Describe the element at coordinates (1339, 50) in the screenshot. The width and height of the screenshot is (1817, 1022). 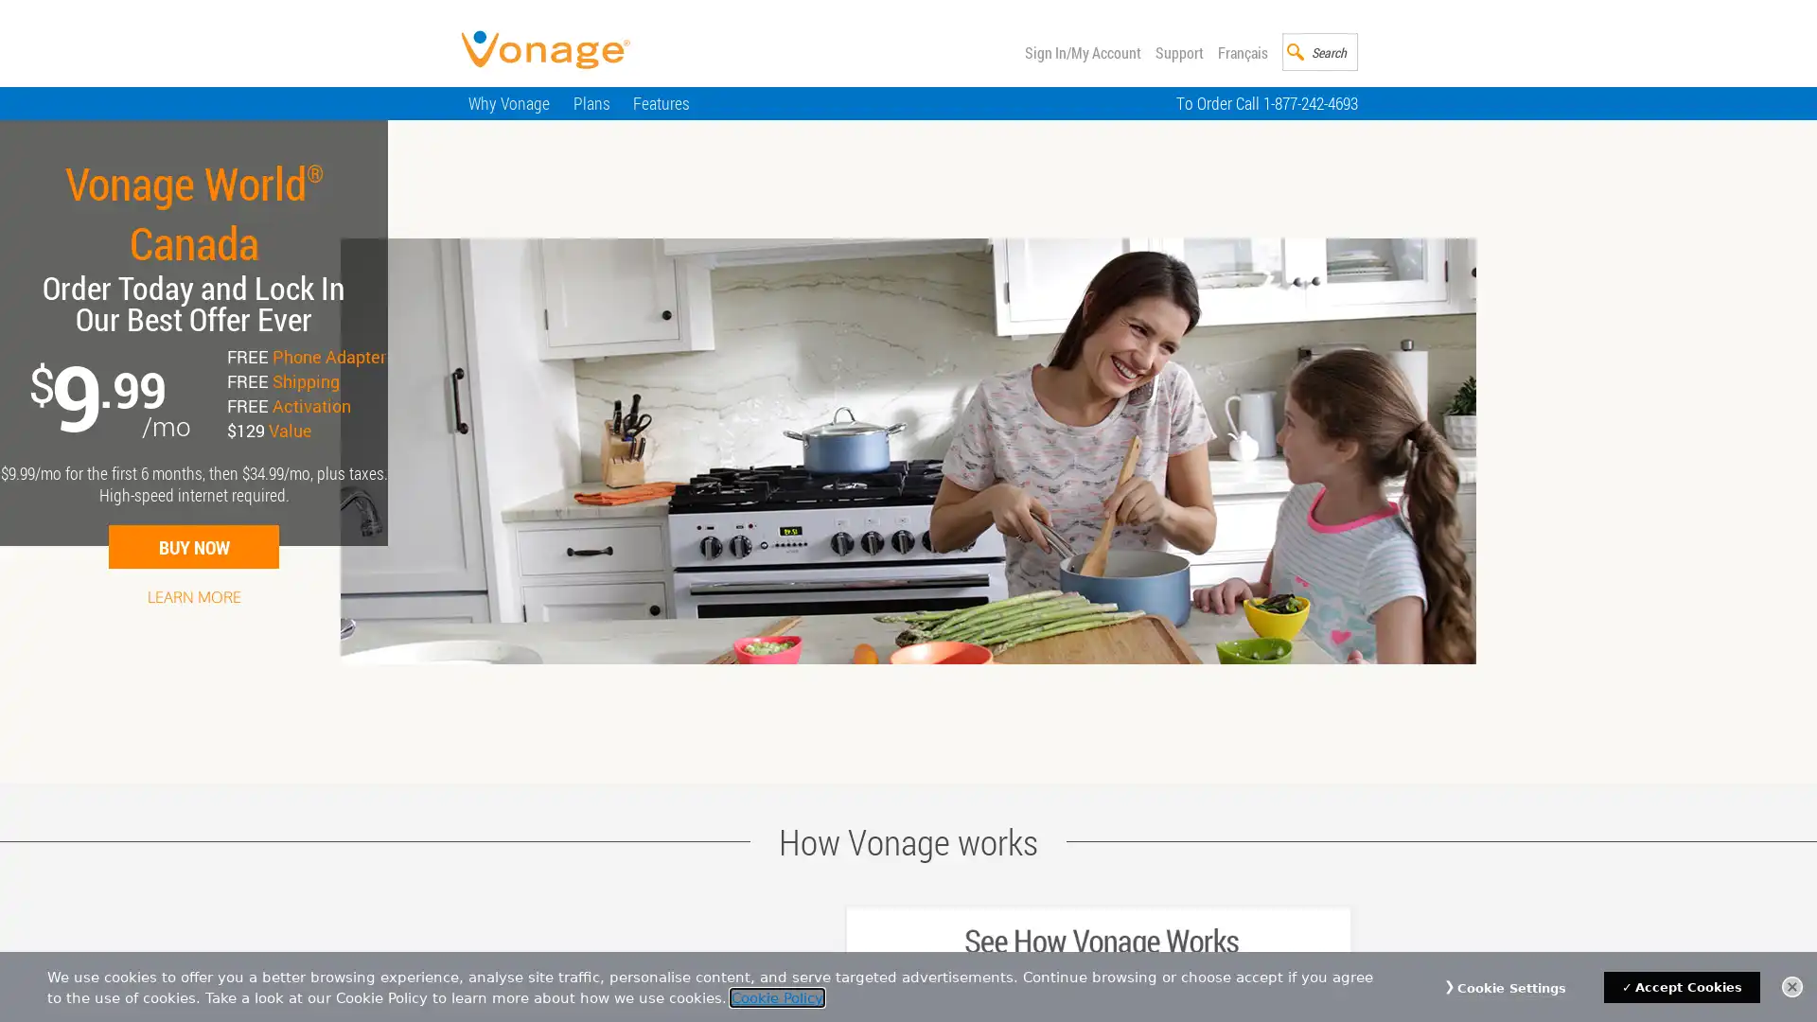
I see `Search` at that location.